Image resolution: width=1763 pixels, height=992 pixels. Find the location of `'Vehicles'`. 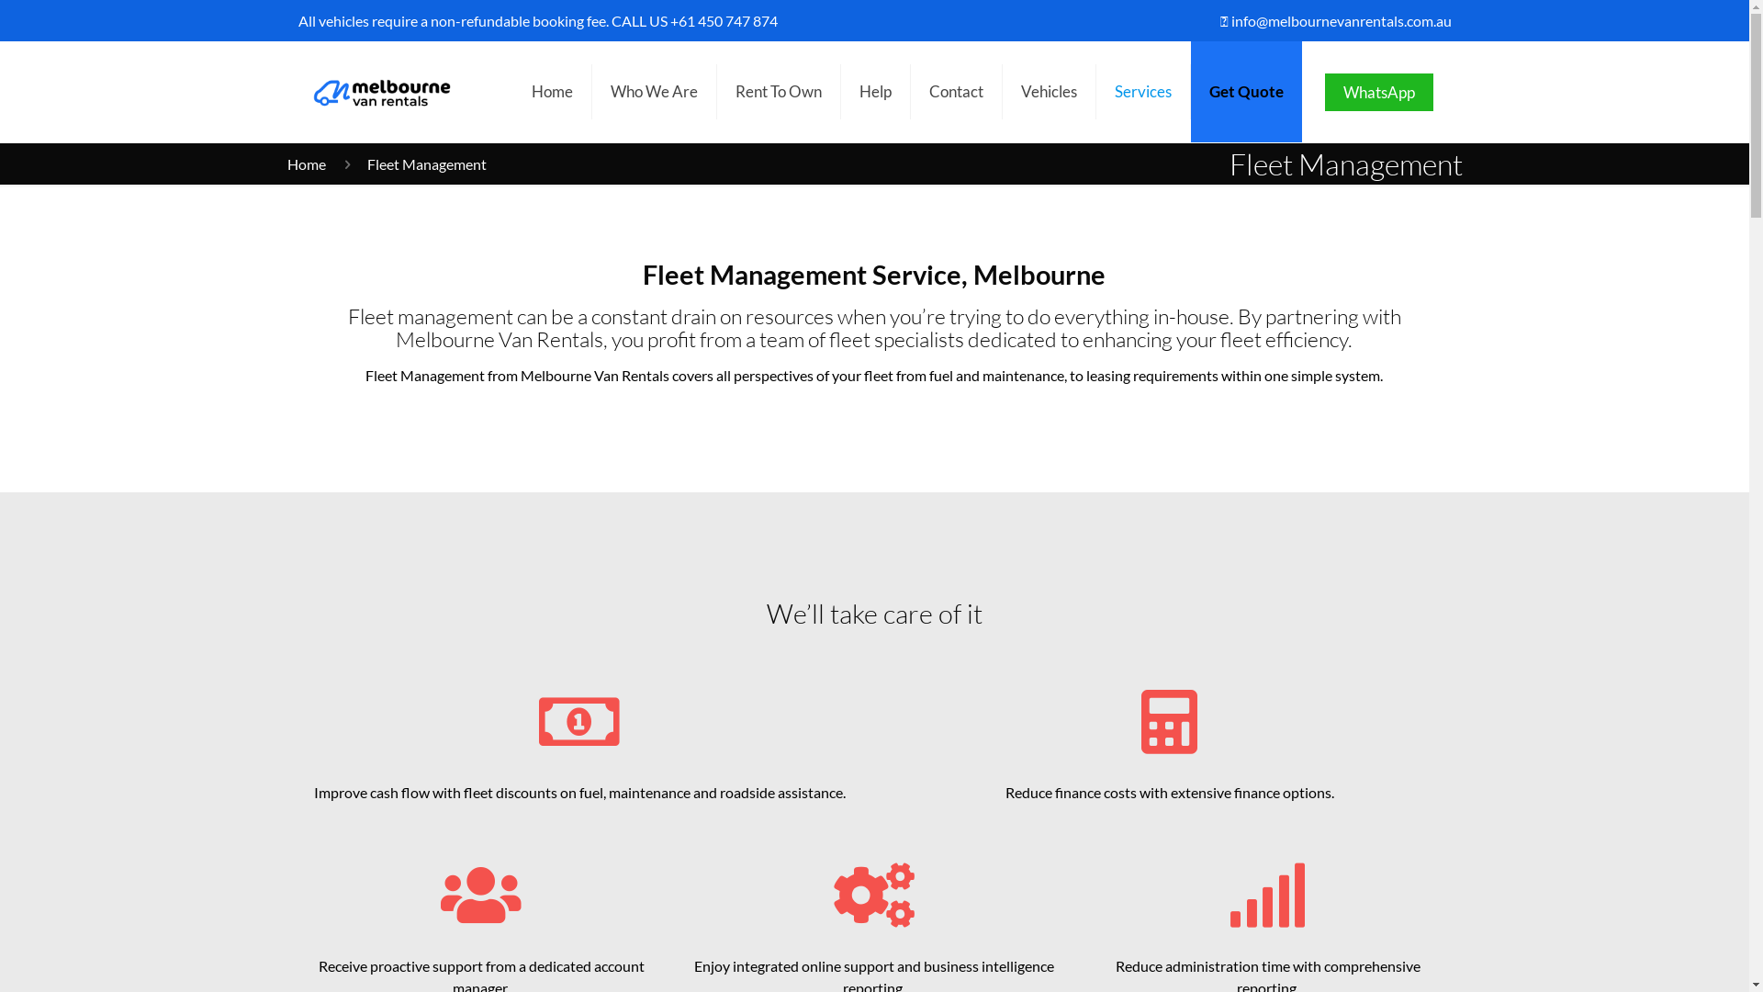

'Vehicles' is located at coordinates (1049, 92).